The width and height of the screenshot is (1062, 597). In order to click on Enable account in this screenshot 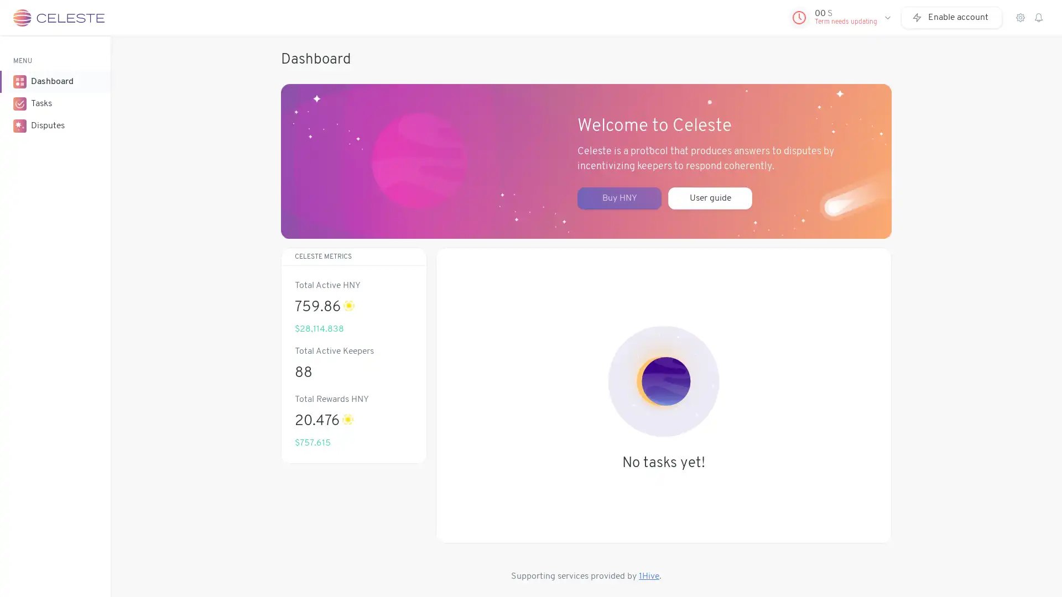, I will do `click(951, 17)`.